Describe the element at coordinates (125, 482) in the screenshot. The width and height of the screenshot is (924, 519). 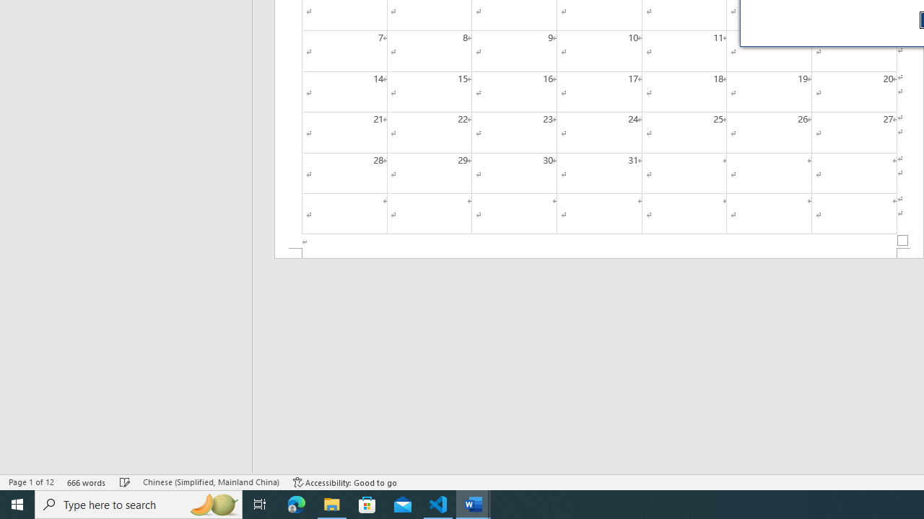
I see `'Spelling and Grammar Check Checking'` at that location.